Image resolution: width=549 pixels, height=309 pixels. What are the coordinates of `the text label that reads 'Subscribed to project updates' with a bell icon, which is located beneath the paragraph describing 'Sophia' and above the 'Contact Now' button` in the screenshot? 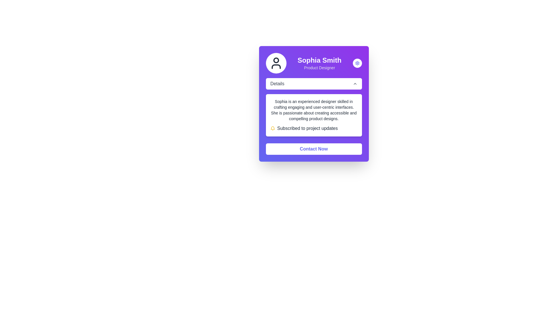 It's located at (313, 128).